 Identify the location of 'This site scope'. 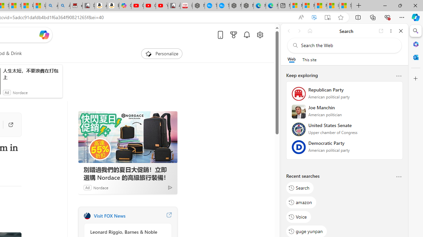
(309, 59).